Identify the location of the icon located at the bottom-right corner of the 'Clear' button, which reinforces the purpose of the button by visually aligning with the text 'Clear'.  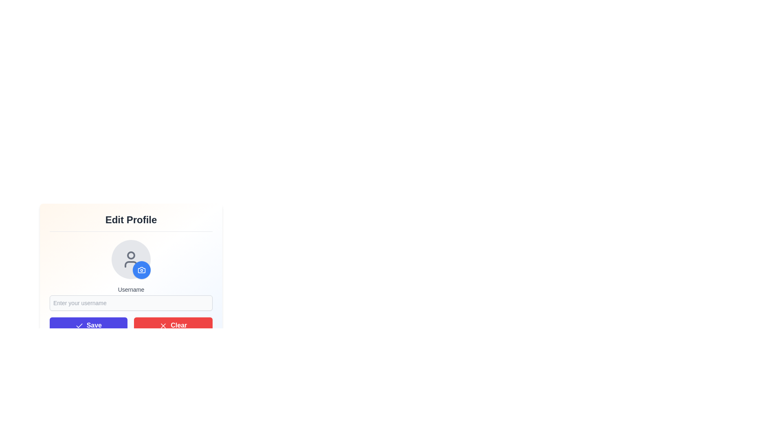
(163, 325).